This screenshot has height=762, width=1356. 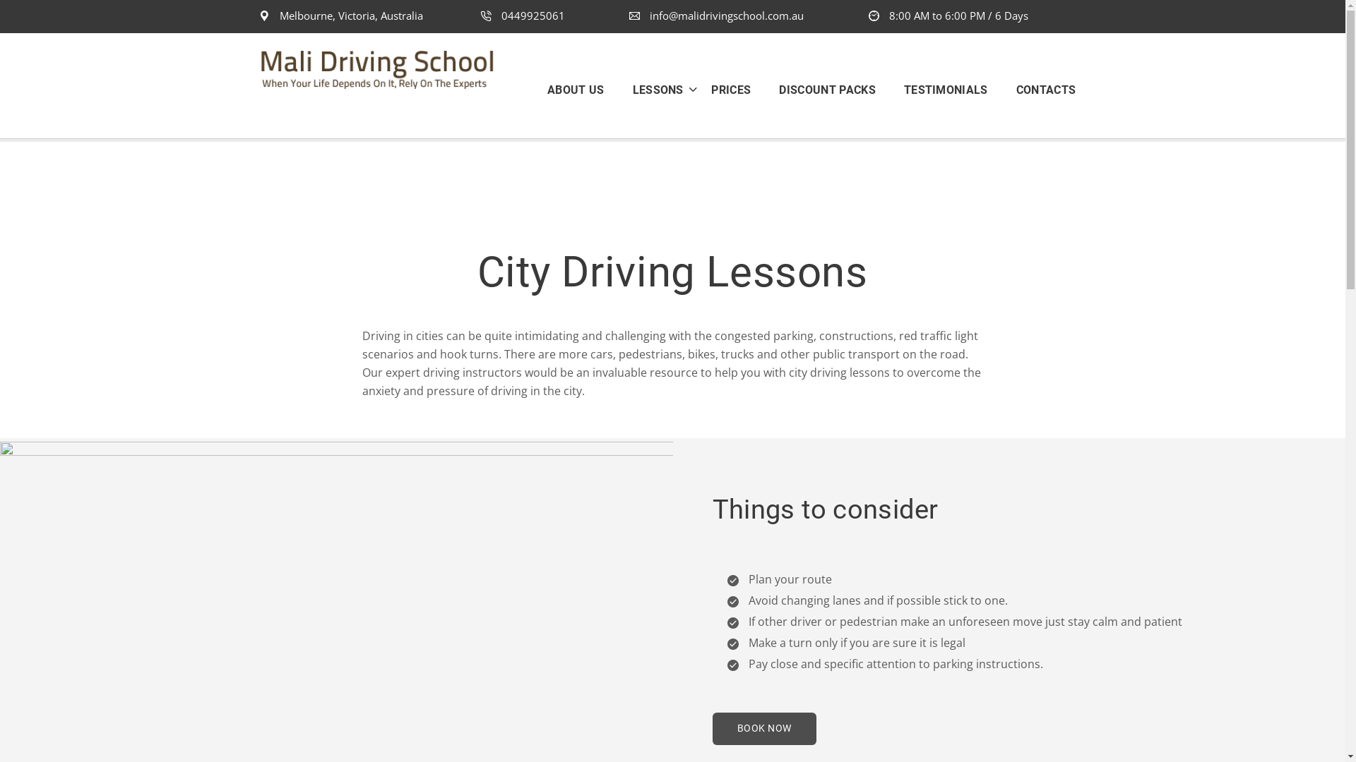 I want to click on 'Melbourne, Victoria, Australia', so click(x=341, y=16).